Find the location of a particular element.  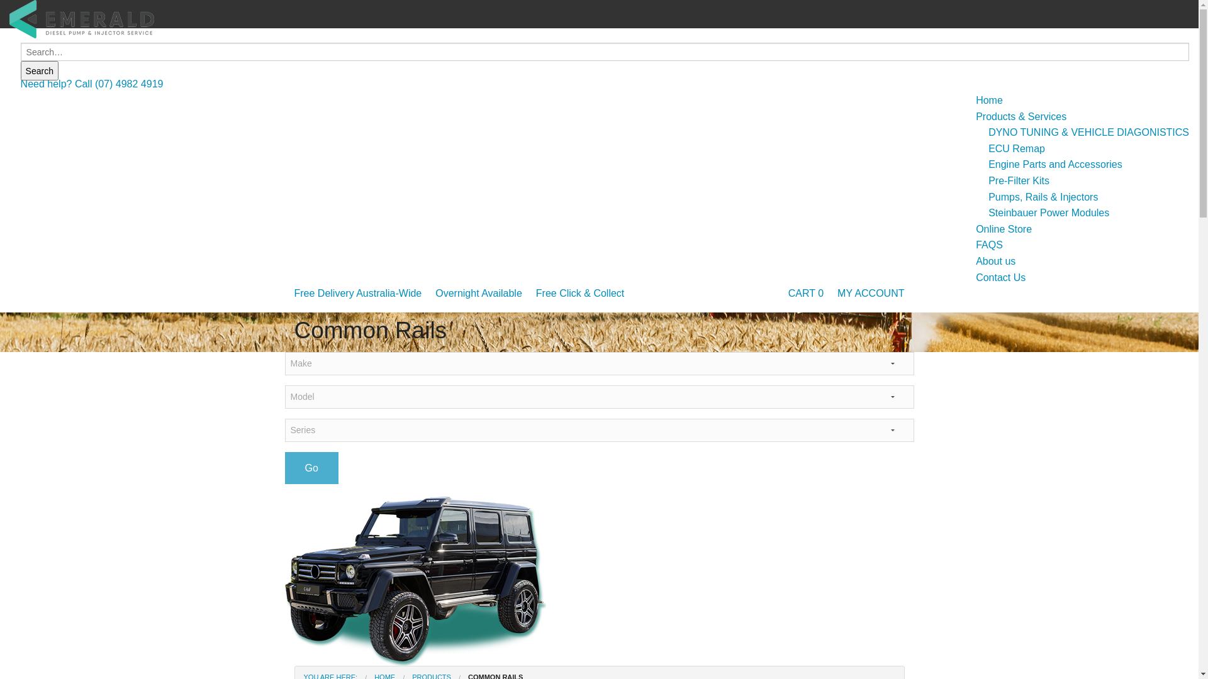

'Emerald Diesel Pump & Injector Service' is located at coordinates (81, 18).